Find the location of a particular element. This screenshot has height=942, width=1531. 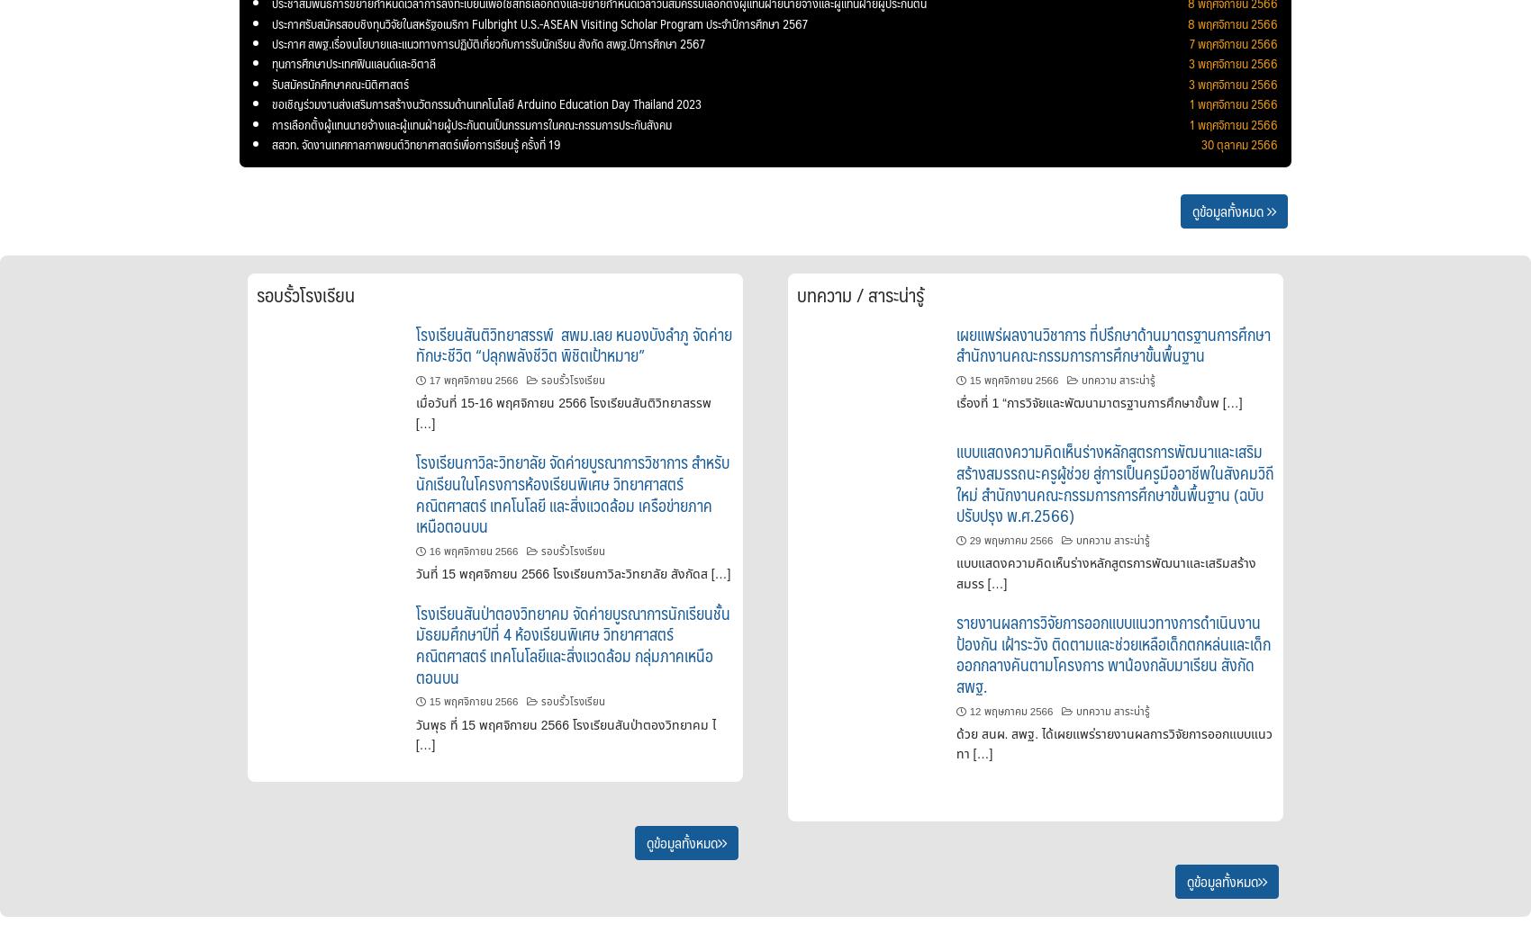

'8 พฤศจิกายน 2566' is located at coordinates (1188, 22).